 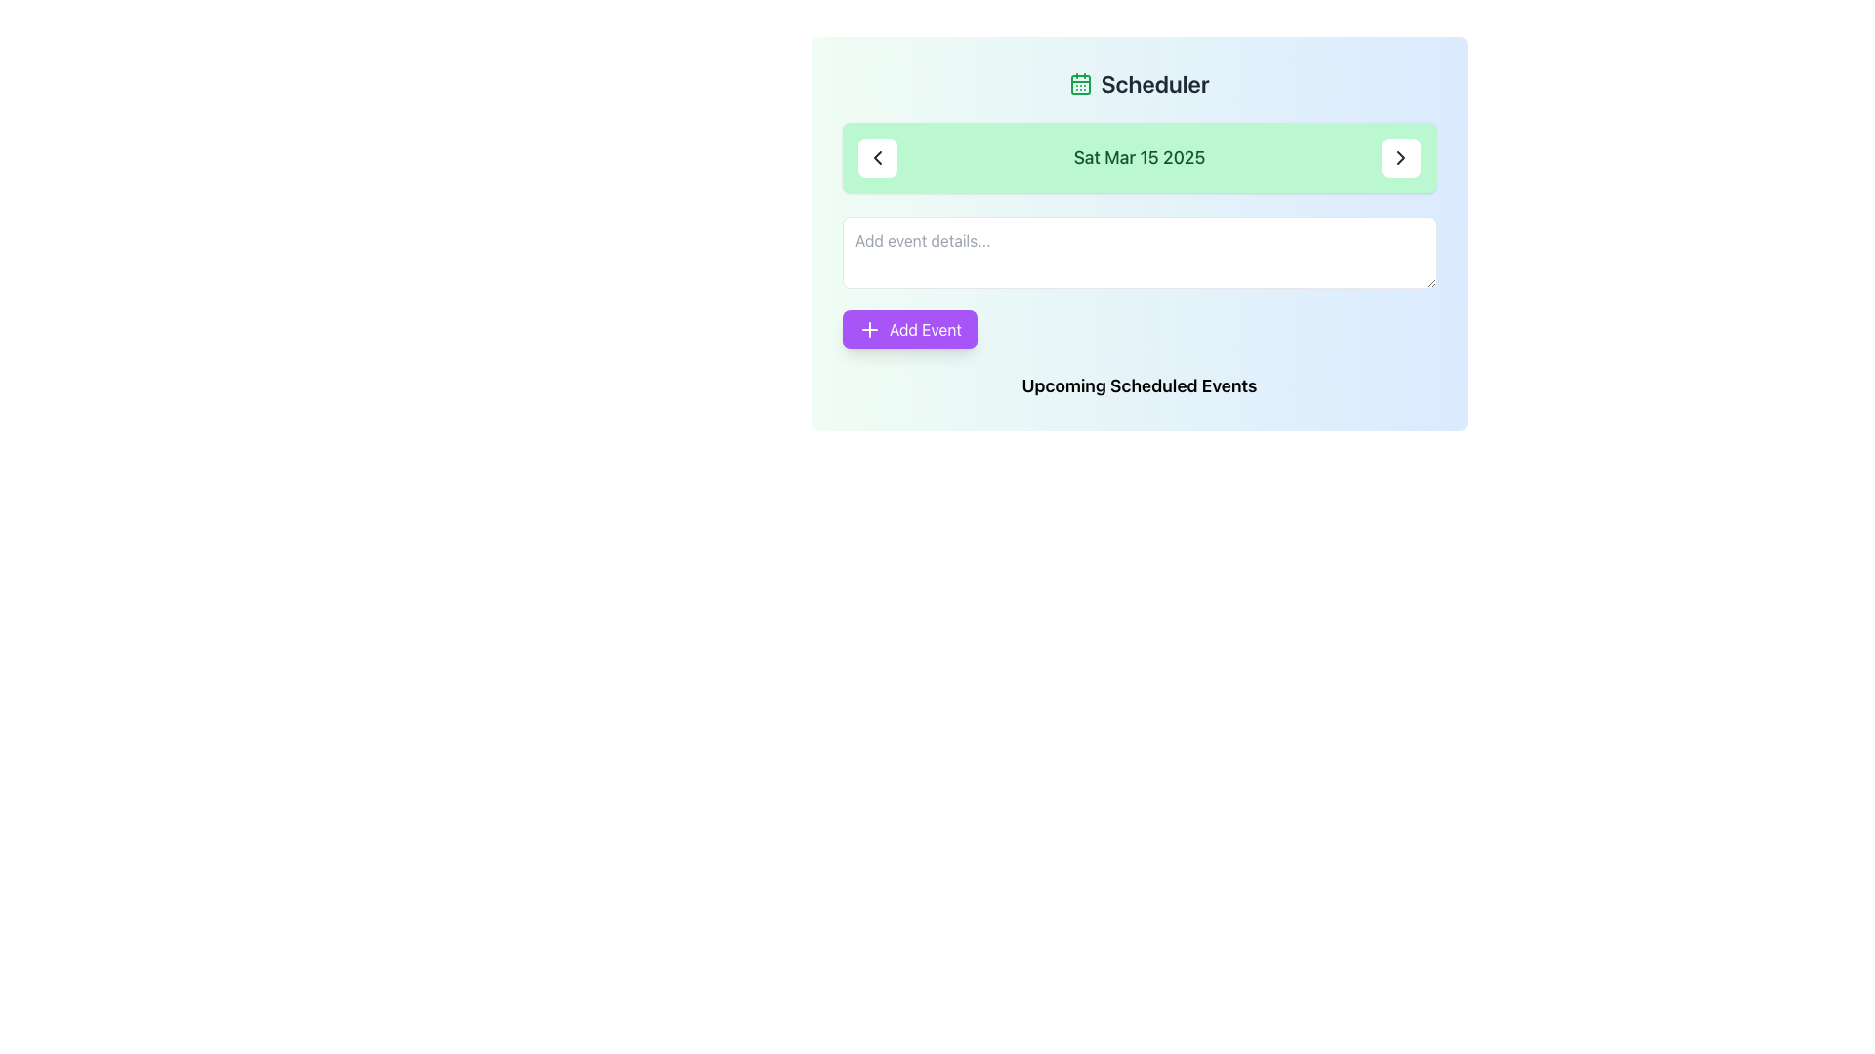 I want to click on the purple square icon with a white plus sign located to the left of the 'Add Event' text within the purple rectangular button, so click(x=869, y=329).